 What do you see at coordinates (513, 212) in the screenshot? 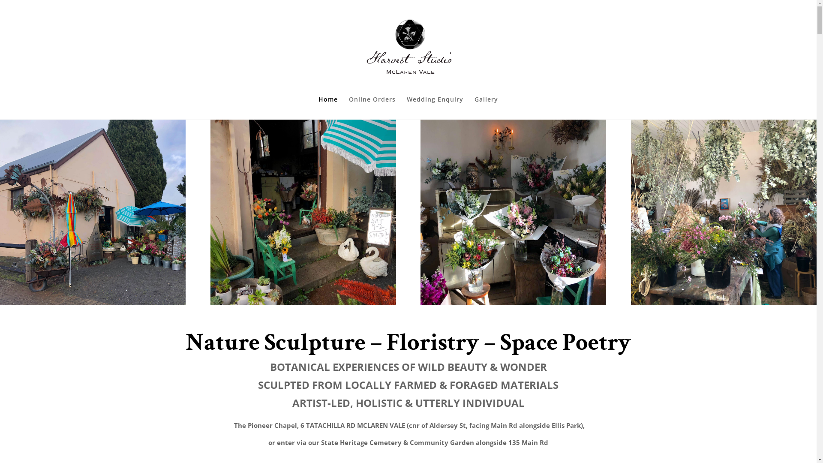
I see `'interior'` at bounding box center [513, 212].